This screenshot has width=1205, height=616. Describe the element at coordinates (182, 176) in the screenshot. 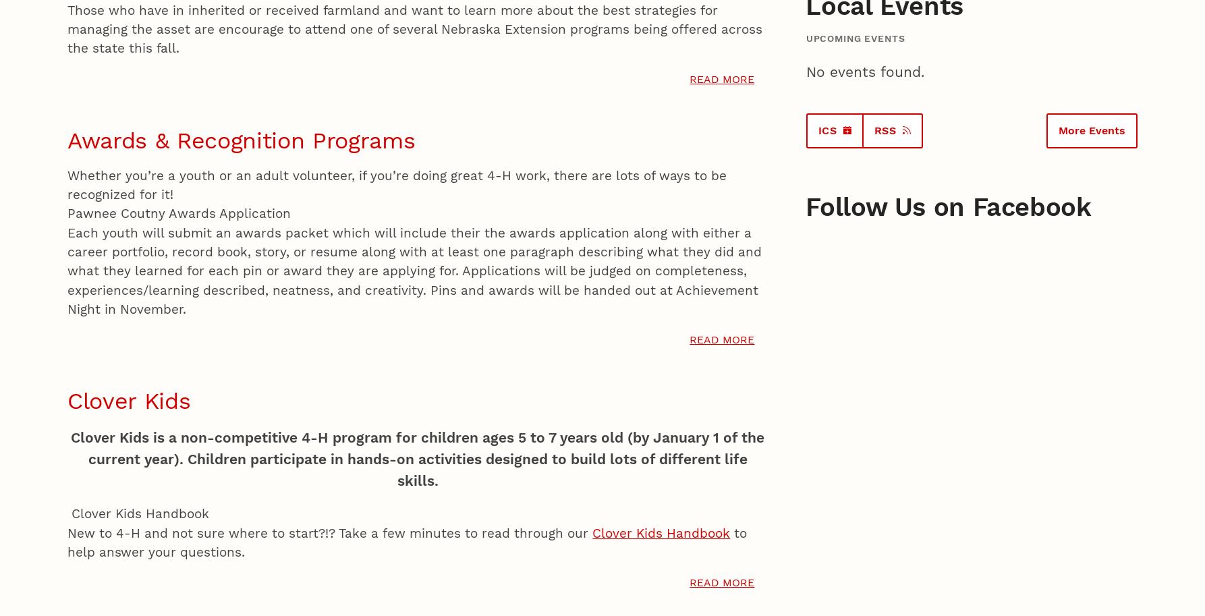

I see `'Colorado State University’s Department of Animal Sciences is proud to host the 28th Range Beef Cow Symposium, December 13 - 14, at The Ranch in Loveland, Colo.'` at that location.